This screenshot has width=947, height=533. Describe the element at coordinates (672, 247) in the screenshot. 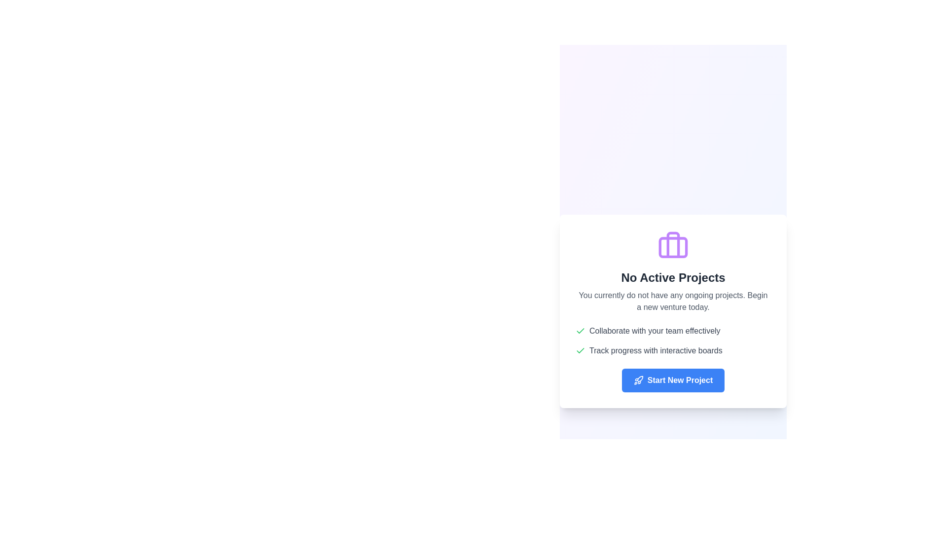

I see `the inner rectangular part of the briefcase icon, which is a component of the application iconography, located above the 'No Active Projects' text` at that location.